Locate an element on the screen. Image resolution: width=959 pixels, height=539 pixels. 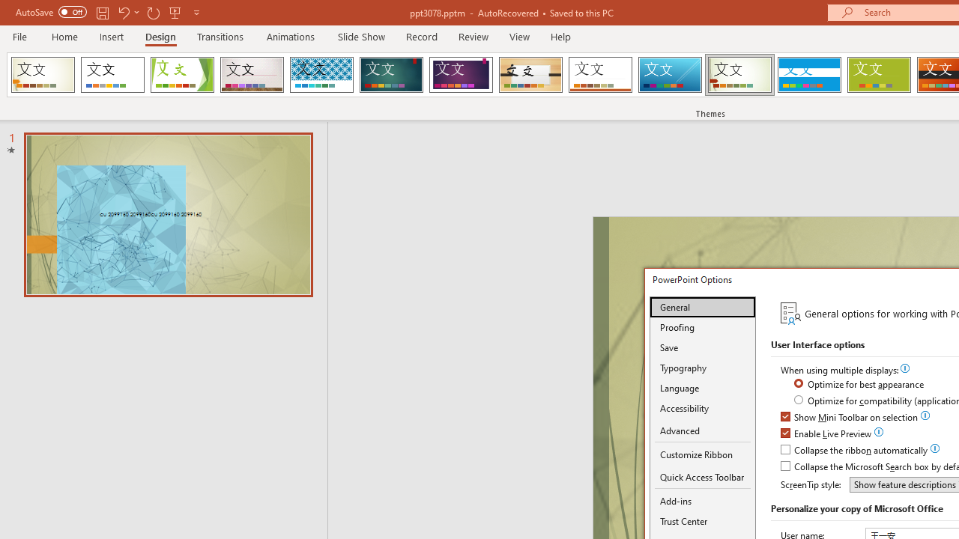
'Facet' is located at coordinates (181, 75).